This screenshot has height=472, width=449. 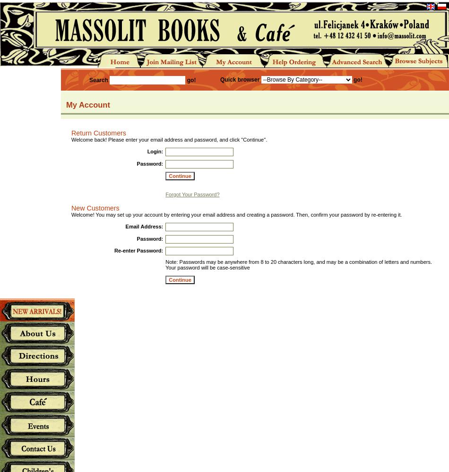 I want to click on 'Directions', so click(x=37, y=355).